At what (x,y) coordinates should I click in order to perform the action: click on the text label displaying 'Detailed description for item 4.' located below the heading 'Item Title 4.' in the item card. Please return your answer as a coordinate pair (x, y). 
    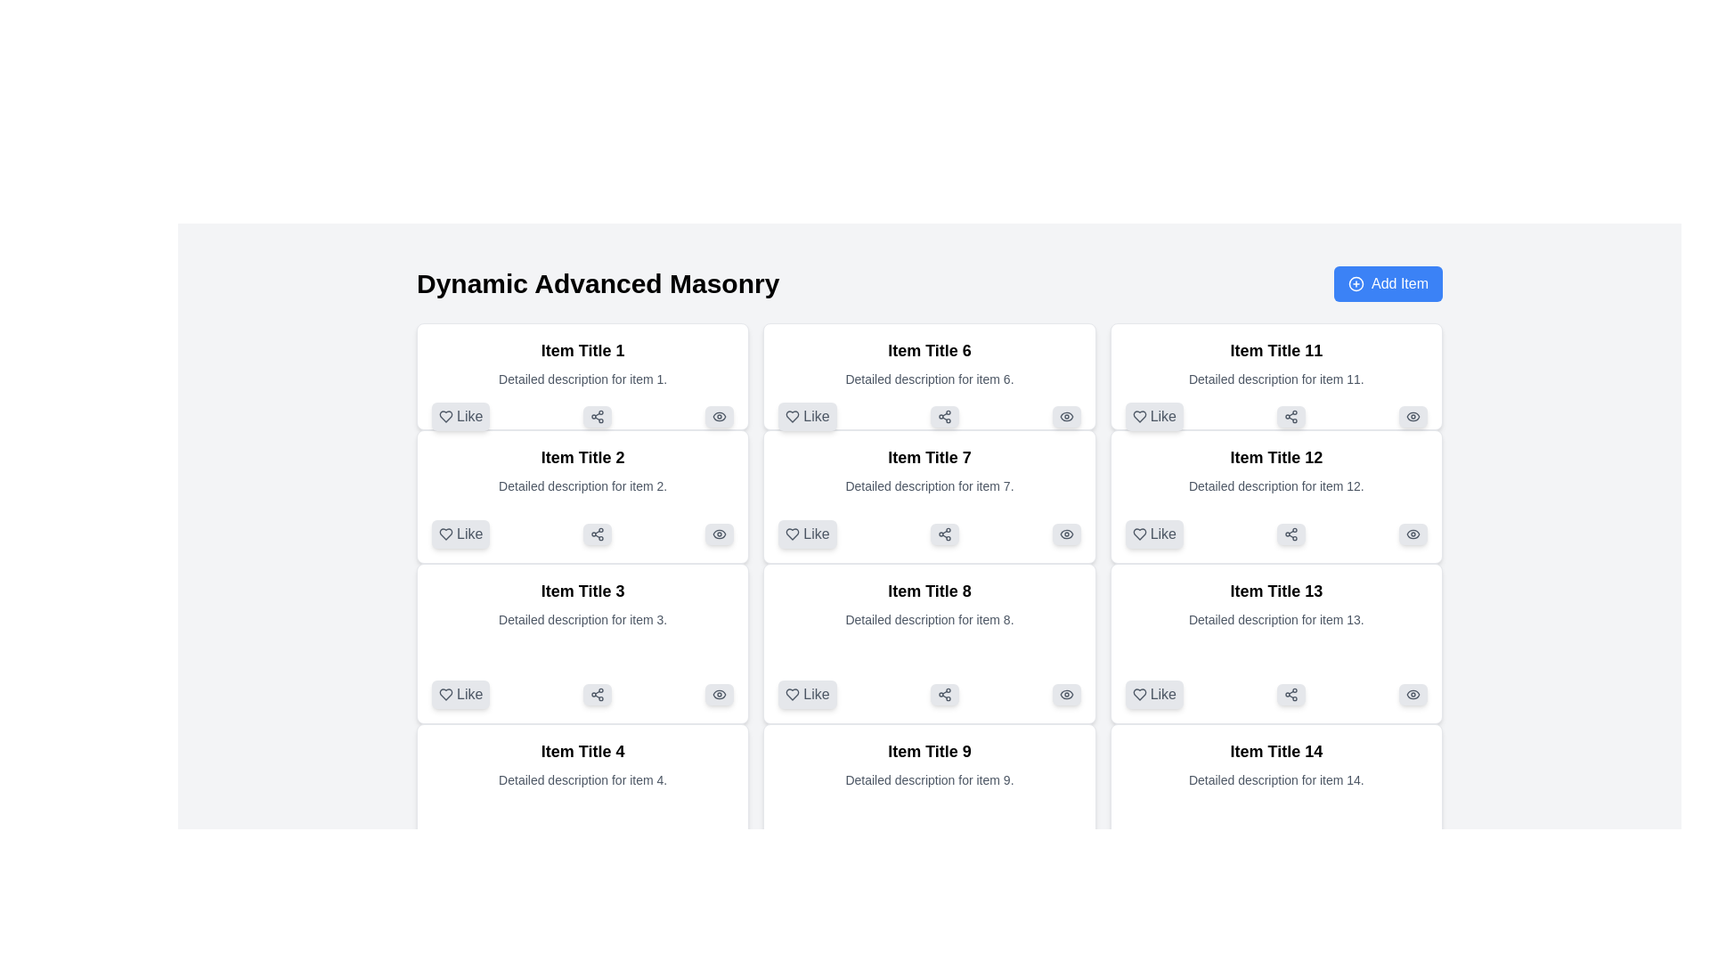
    Looking at the image, I should click on (582, 779).